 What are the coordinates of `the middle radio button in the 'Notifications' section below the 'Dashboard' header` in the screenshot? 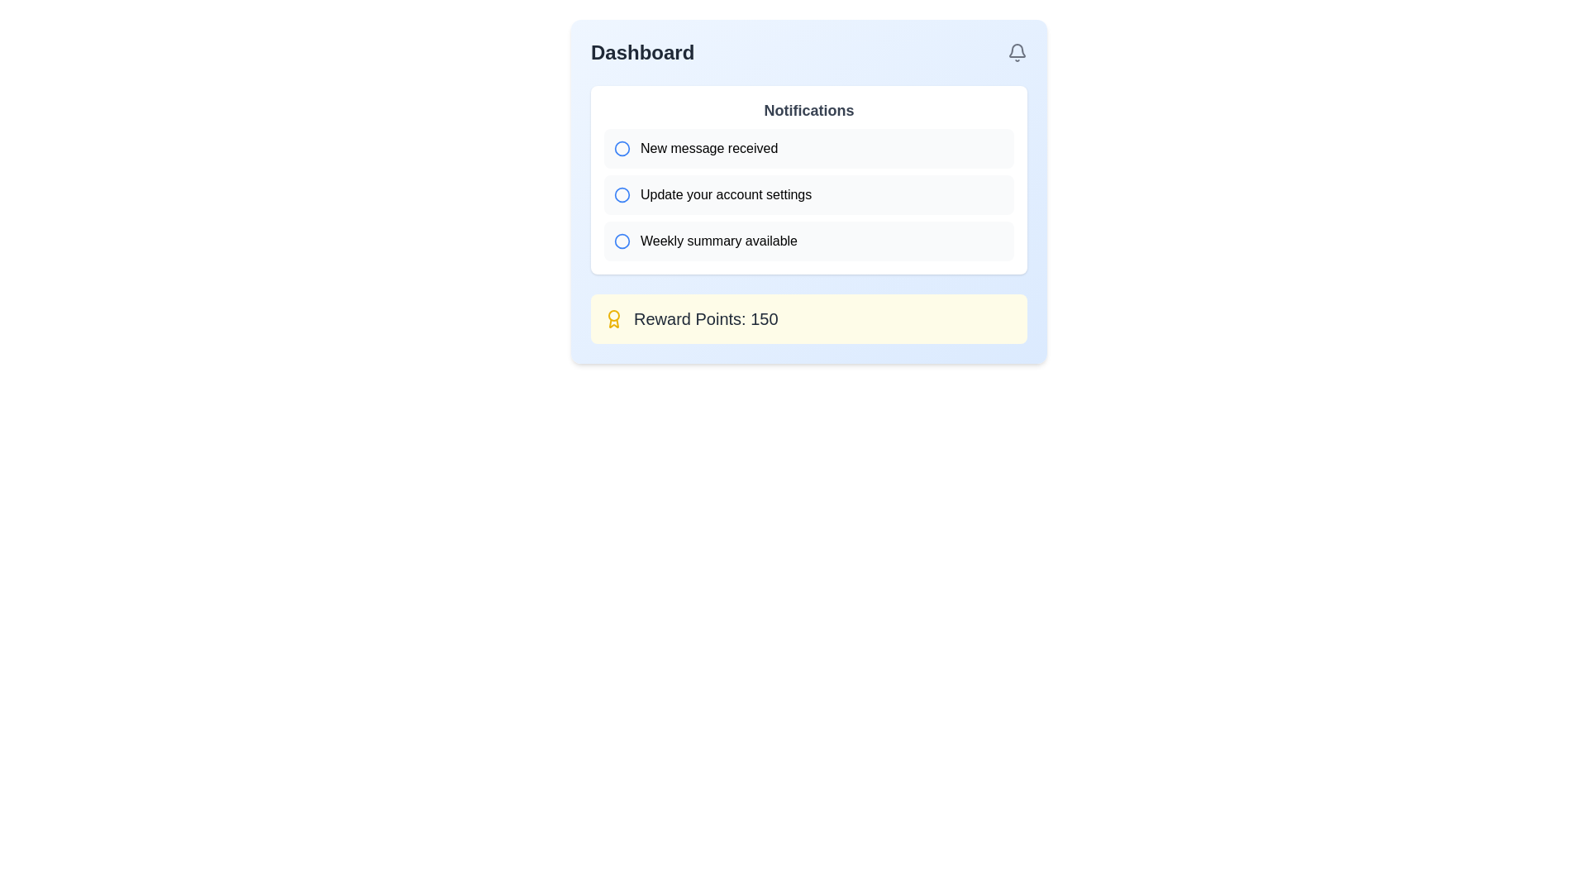 It's located at (622, 193).